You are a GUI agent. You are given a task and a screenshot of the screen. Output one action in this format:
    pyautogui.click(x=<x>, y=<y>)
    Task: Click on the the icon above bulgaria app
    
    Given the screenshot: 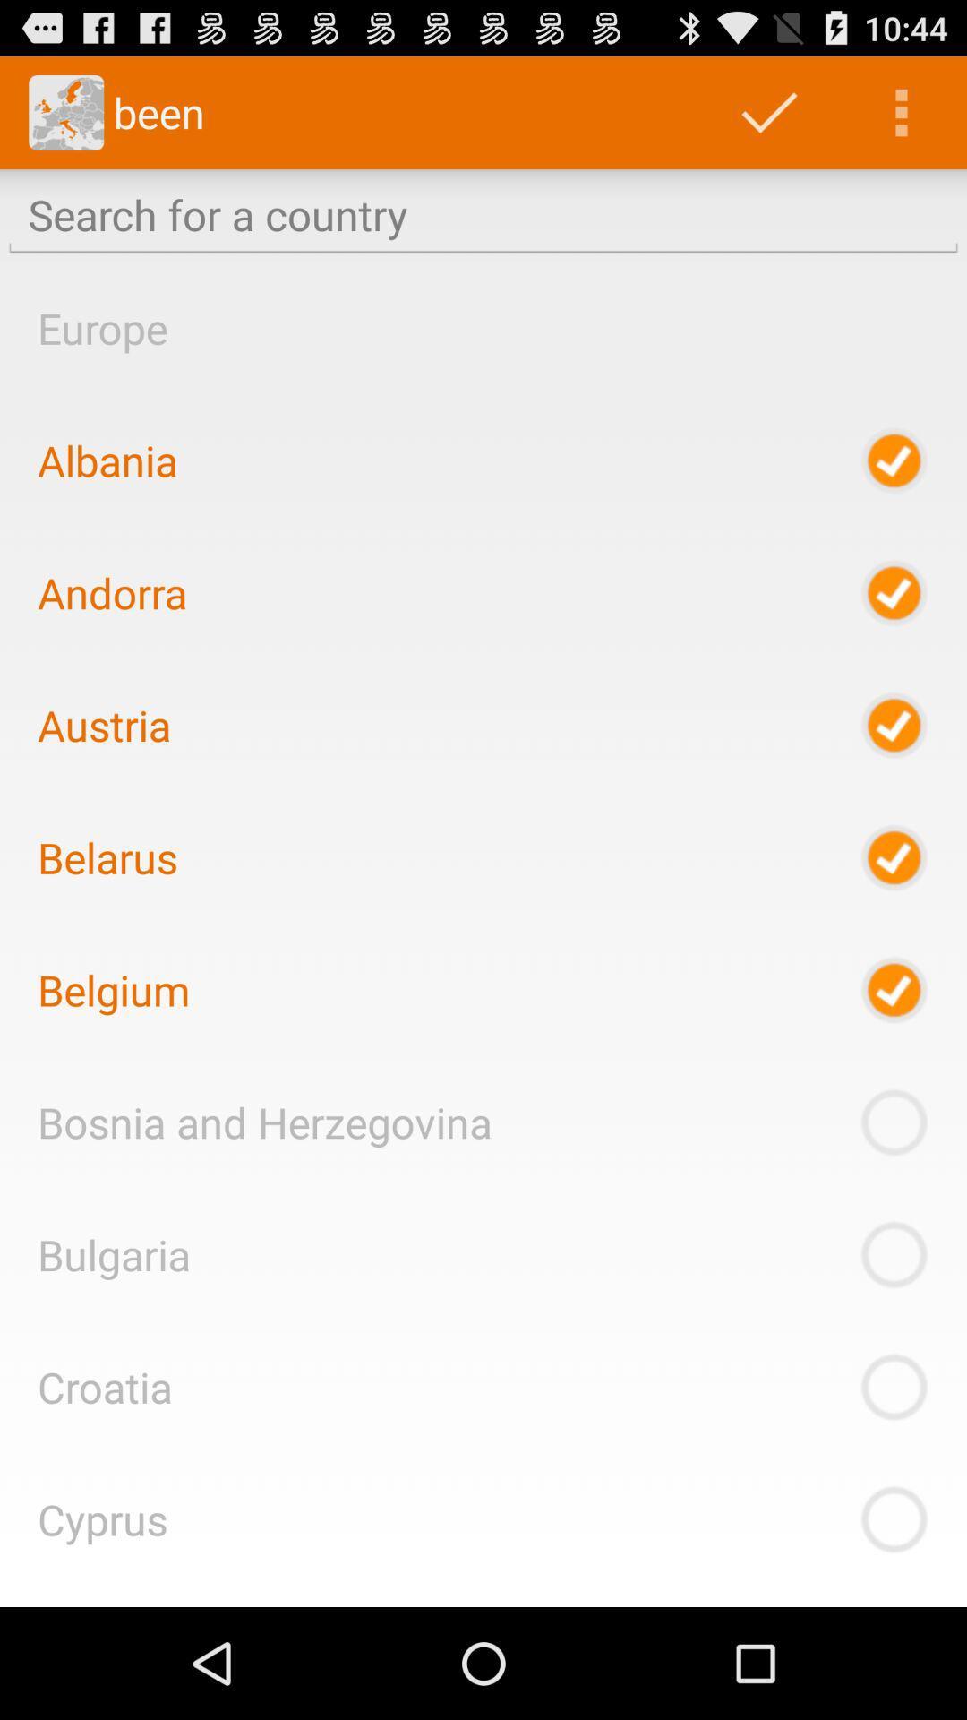 What is the action you would take?
    pyautogui.click(x=264, y=1121)
    